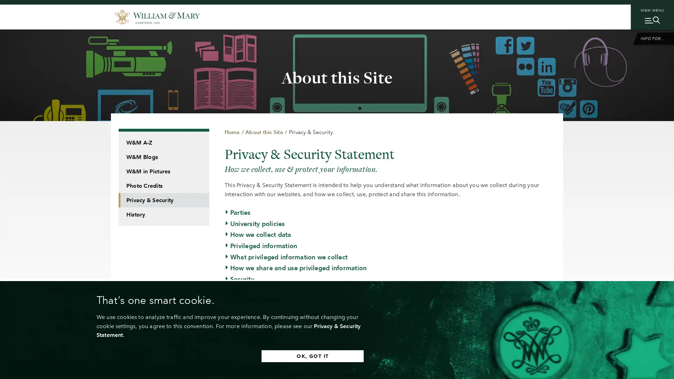 The width and height of the screenshot is (674, 379). What do you see at coordinates (264, 301) in the screenshot?
I see `Removal from email lists` at bounding box center [264, 301].